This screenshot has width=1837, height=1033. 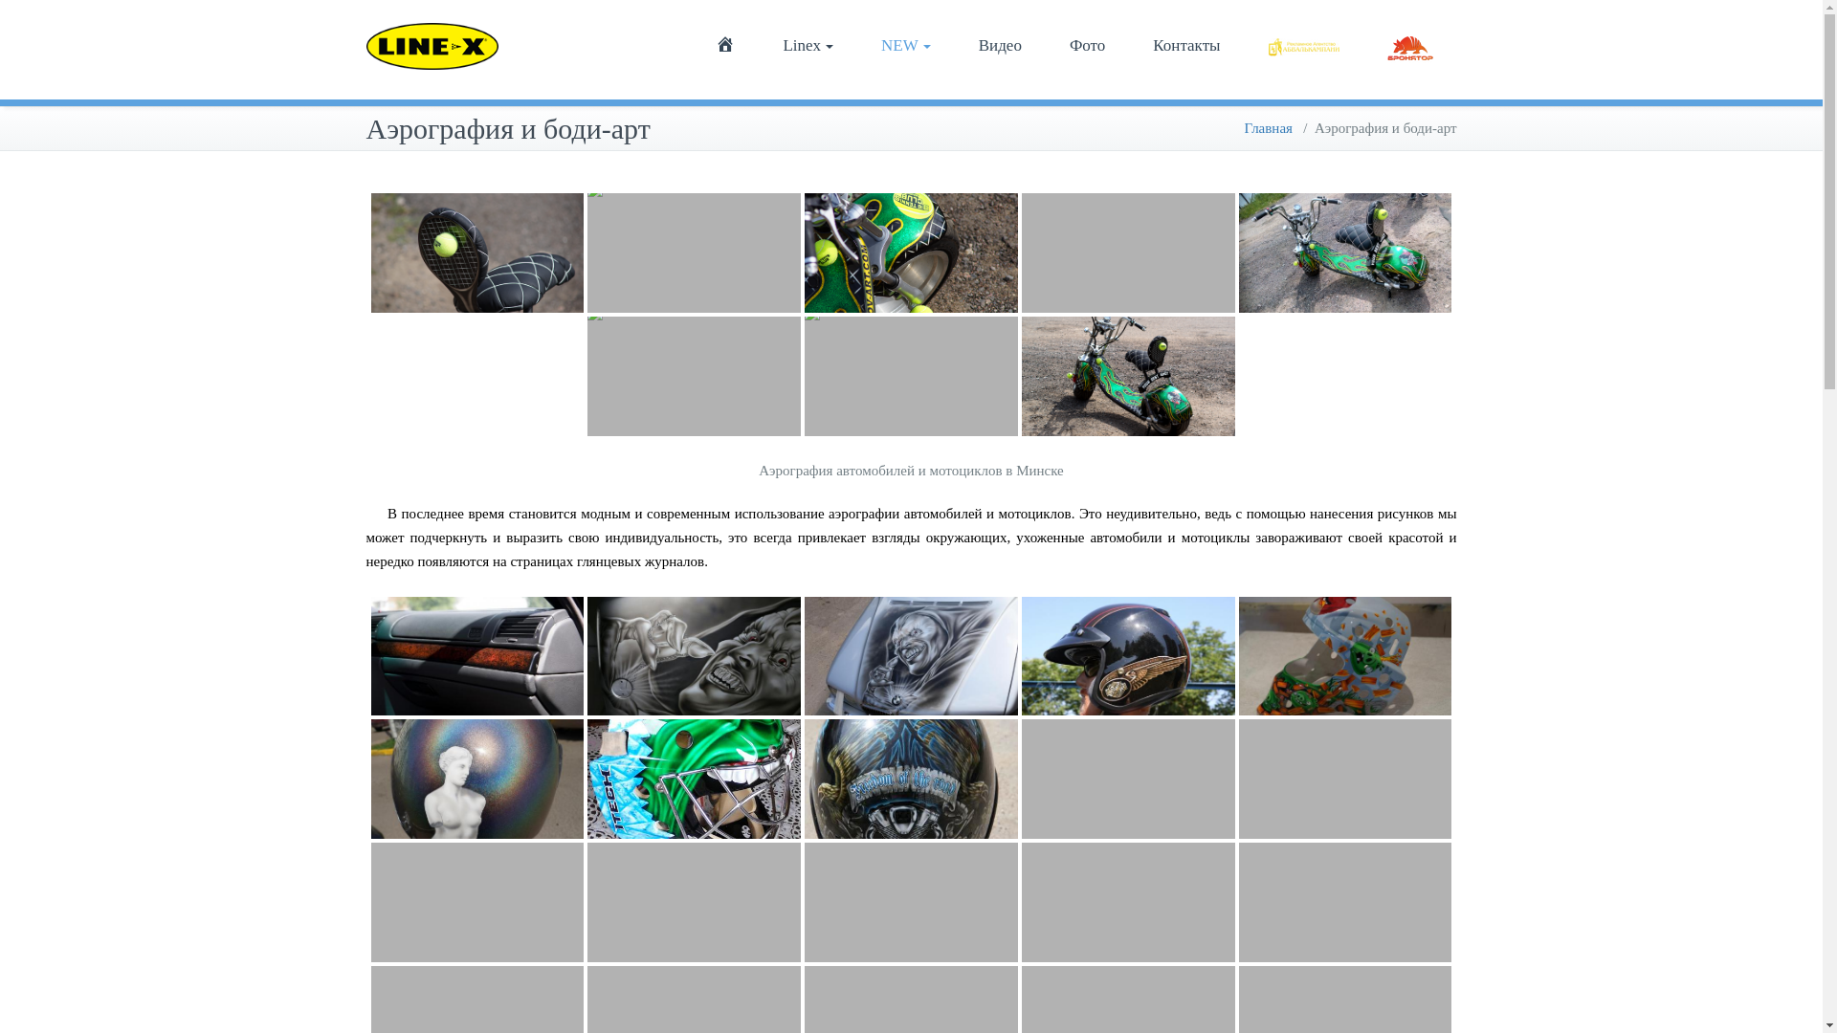 What do you see at coordinates (808, 44) in the screenshot?
I see `'Linex'` at bounding box center [808, 44].